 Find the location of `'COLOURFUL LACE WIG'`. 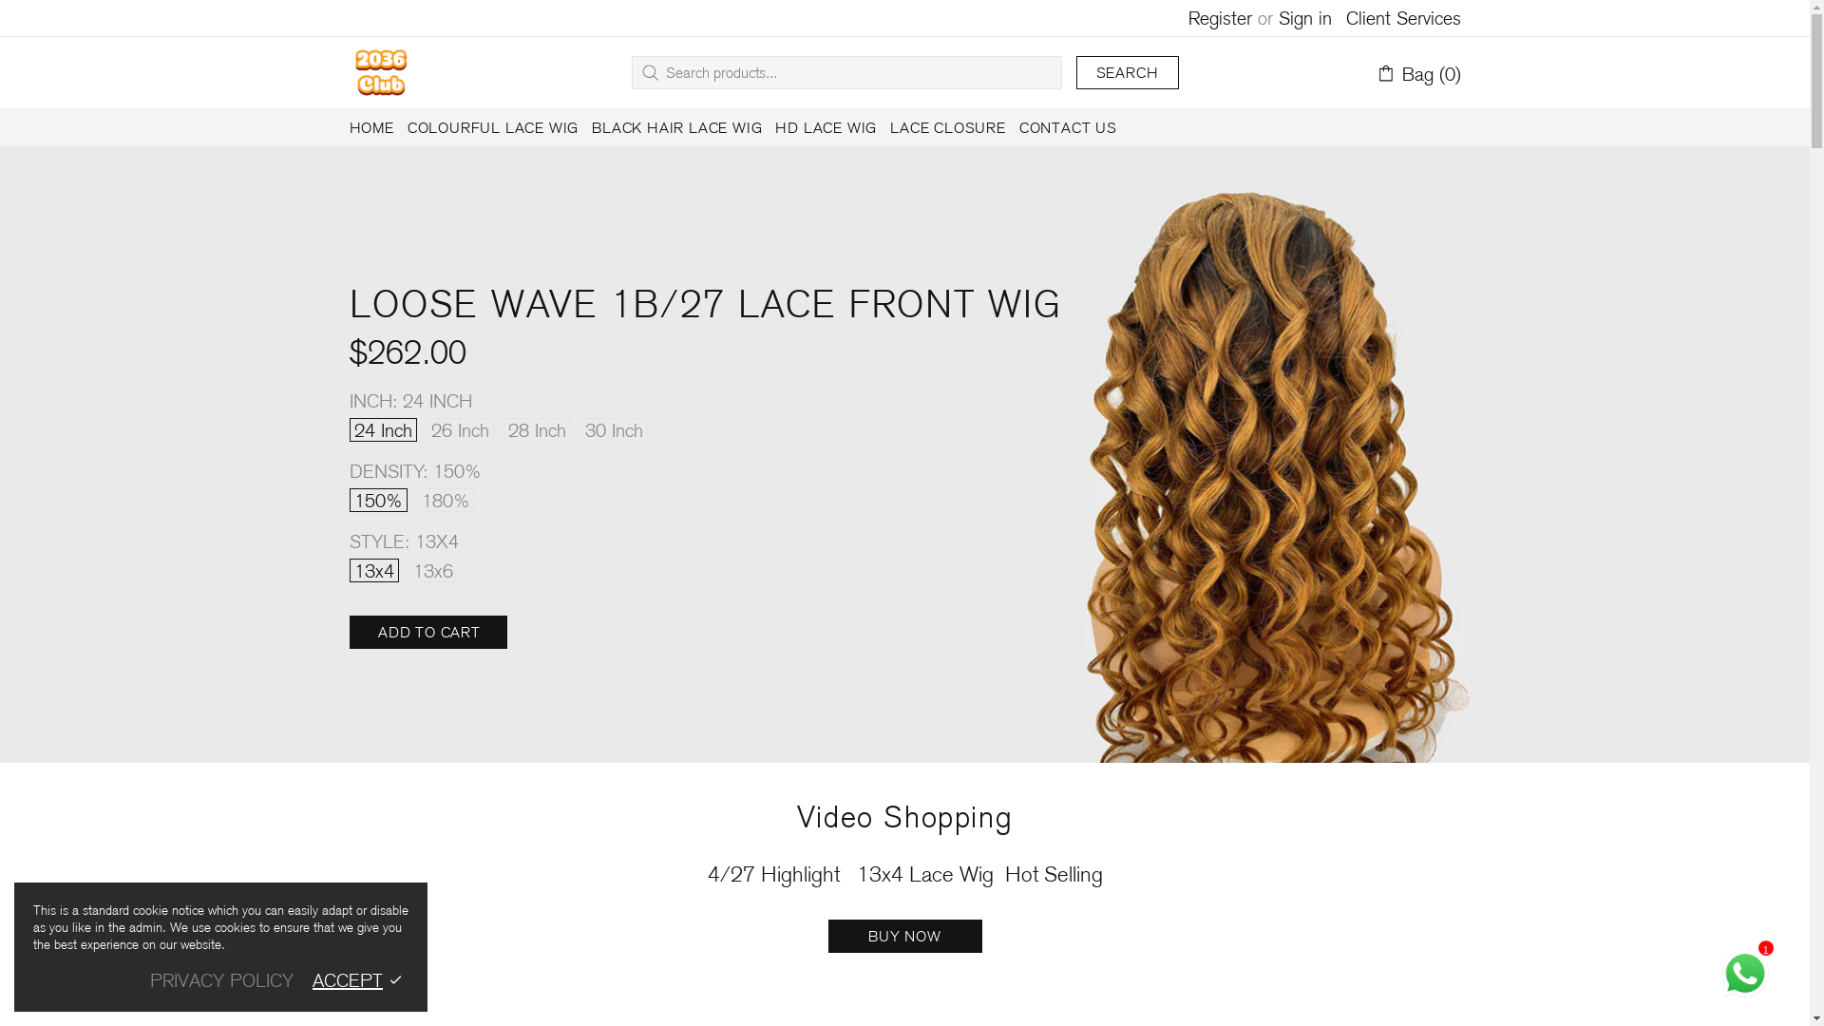

'COLOURFUL LACE WIG' is located at coordinates (400, 127).